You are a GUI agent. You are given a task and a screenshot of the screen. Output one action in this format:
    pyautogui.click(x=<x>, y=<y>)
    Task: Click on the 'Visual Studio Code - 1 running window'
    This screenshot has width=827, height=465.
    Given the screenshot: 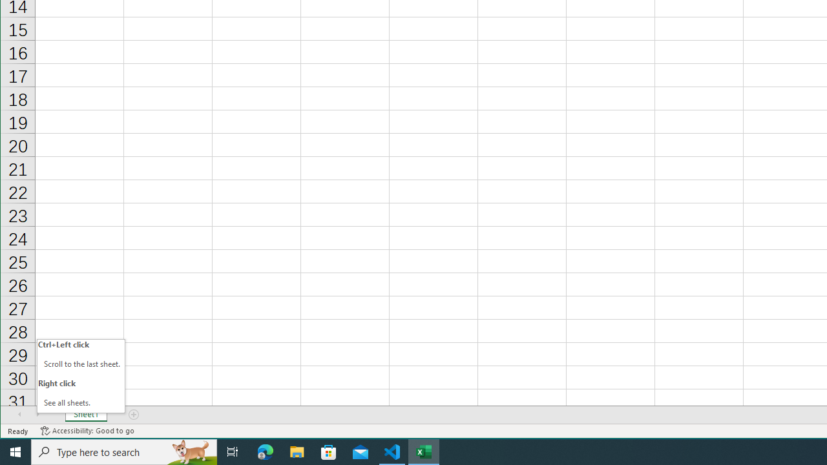 What is the action you would take?
    pyautogui.click(x=392, y=451)
    